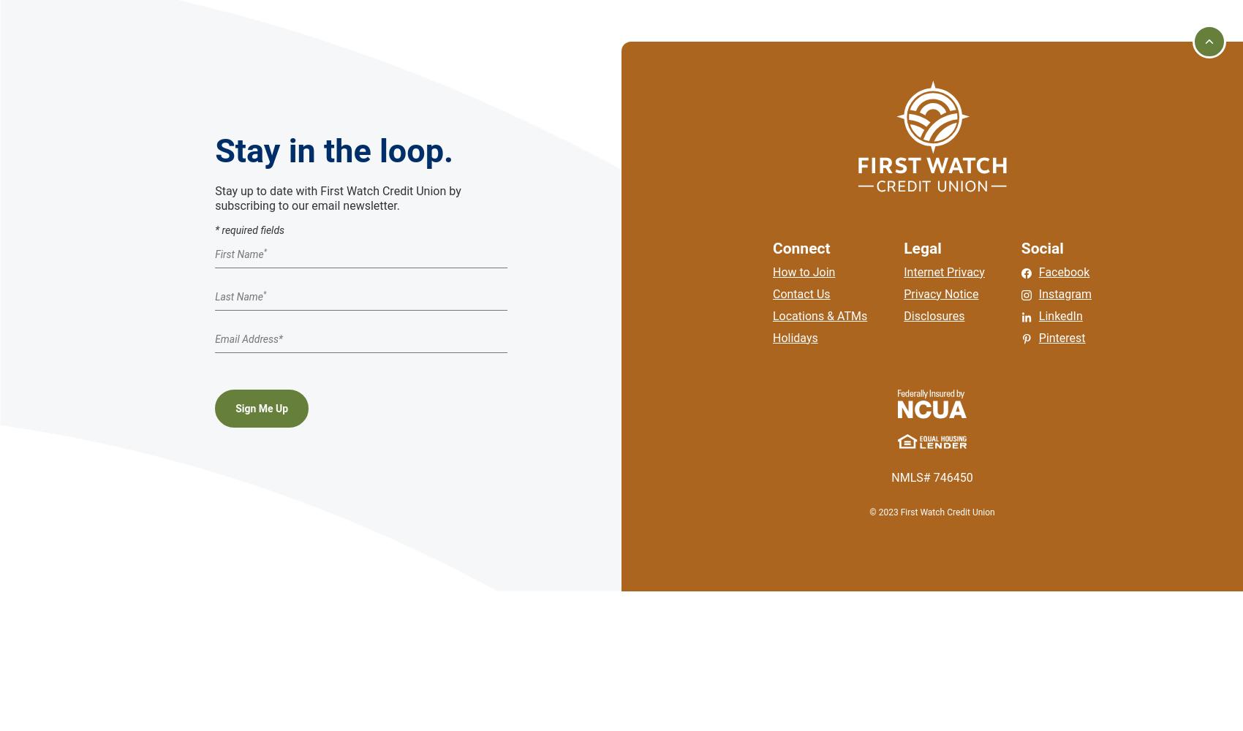 The width and height of the screenshot is (1243, 731). I want to click on 'Legal', so click(921, 247).